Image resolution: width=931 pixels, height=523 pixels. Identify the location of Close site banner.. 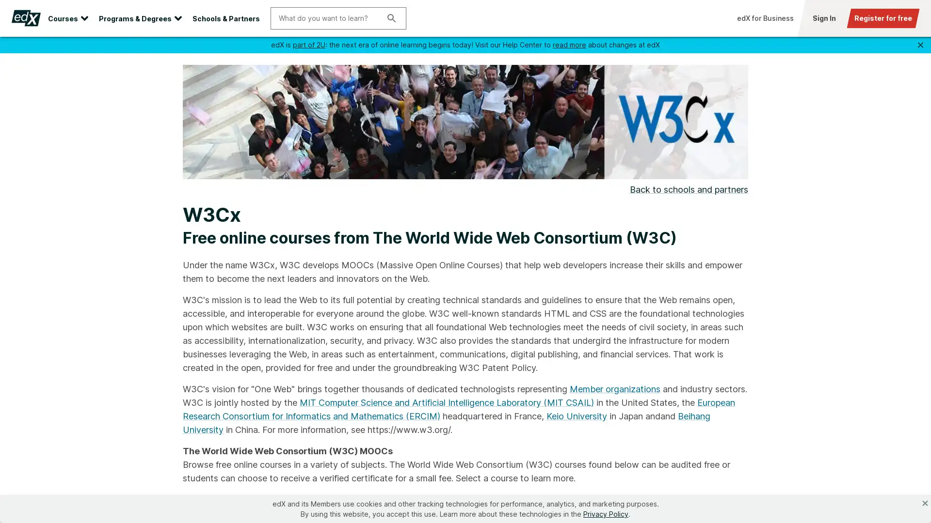
(919, 45).